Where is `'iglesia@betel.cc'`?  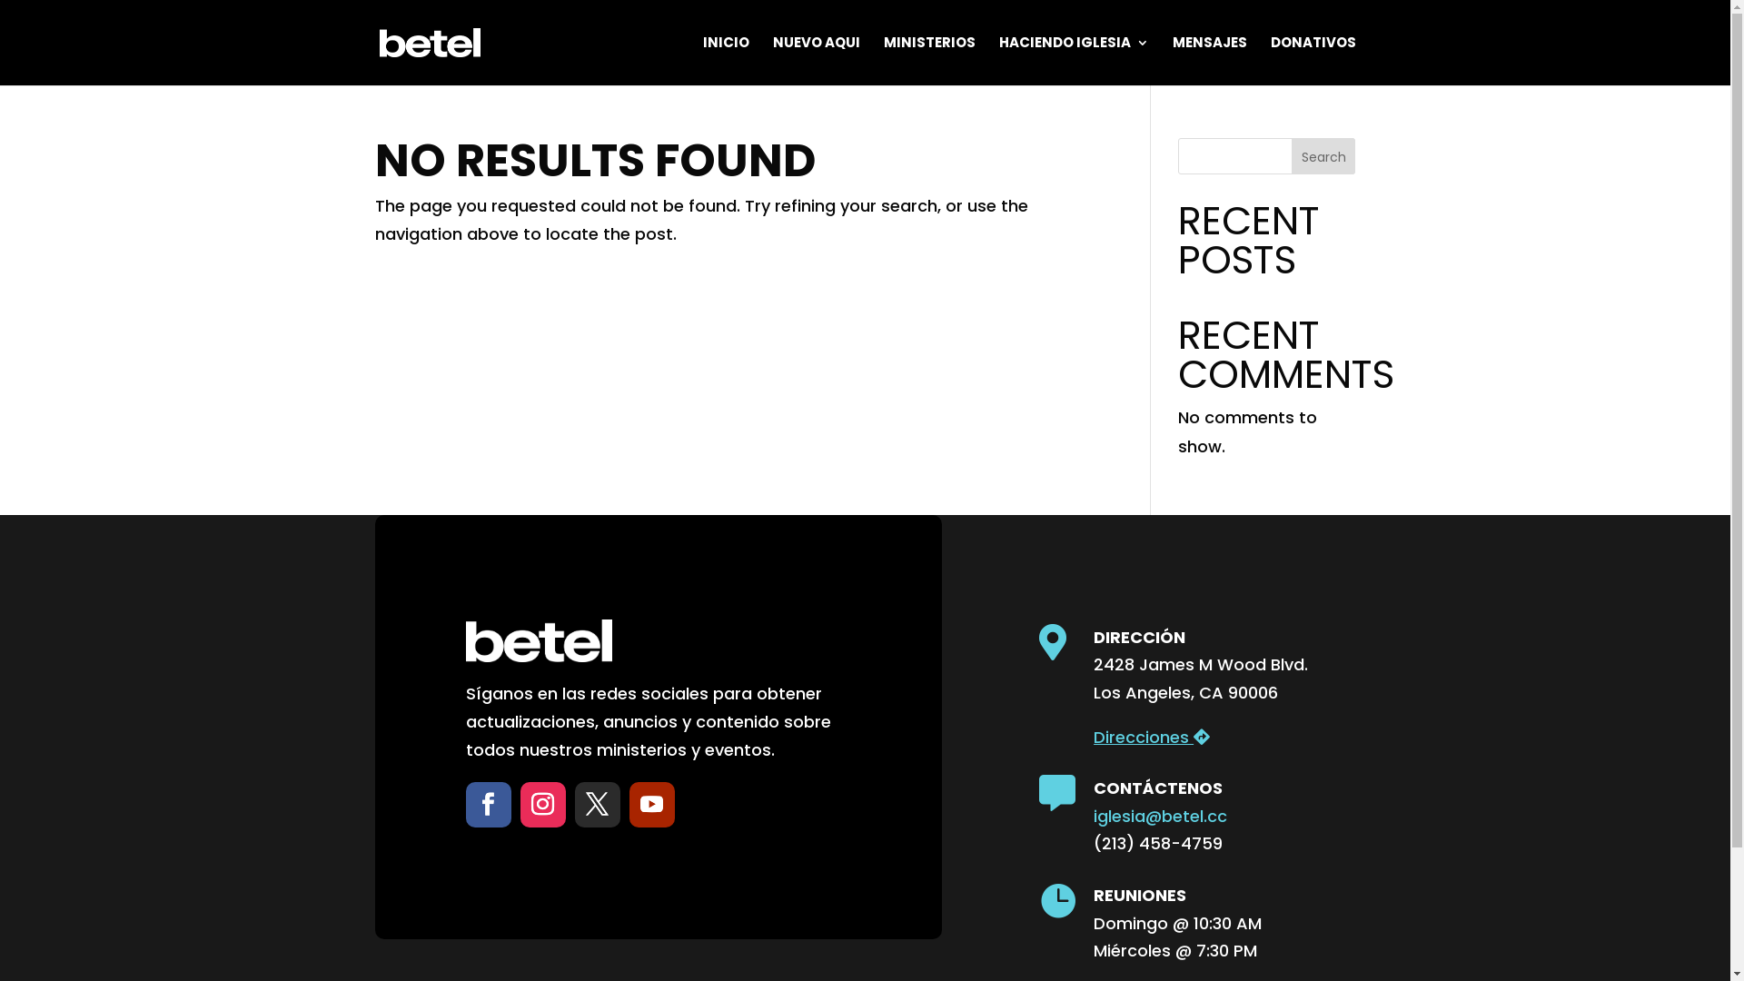 'iglesia@betel.cc' is located at coordinates (1159, 815).